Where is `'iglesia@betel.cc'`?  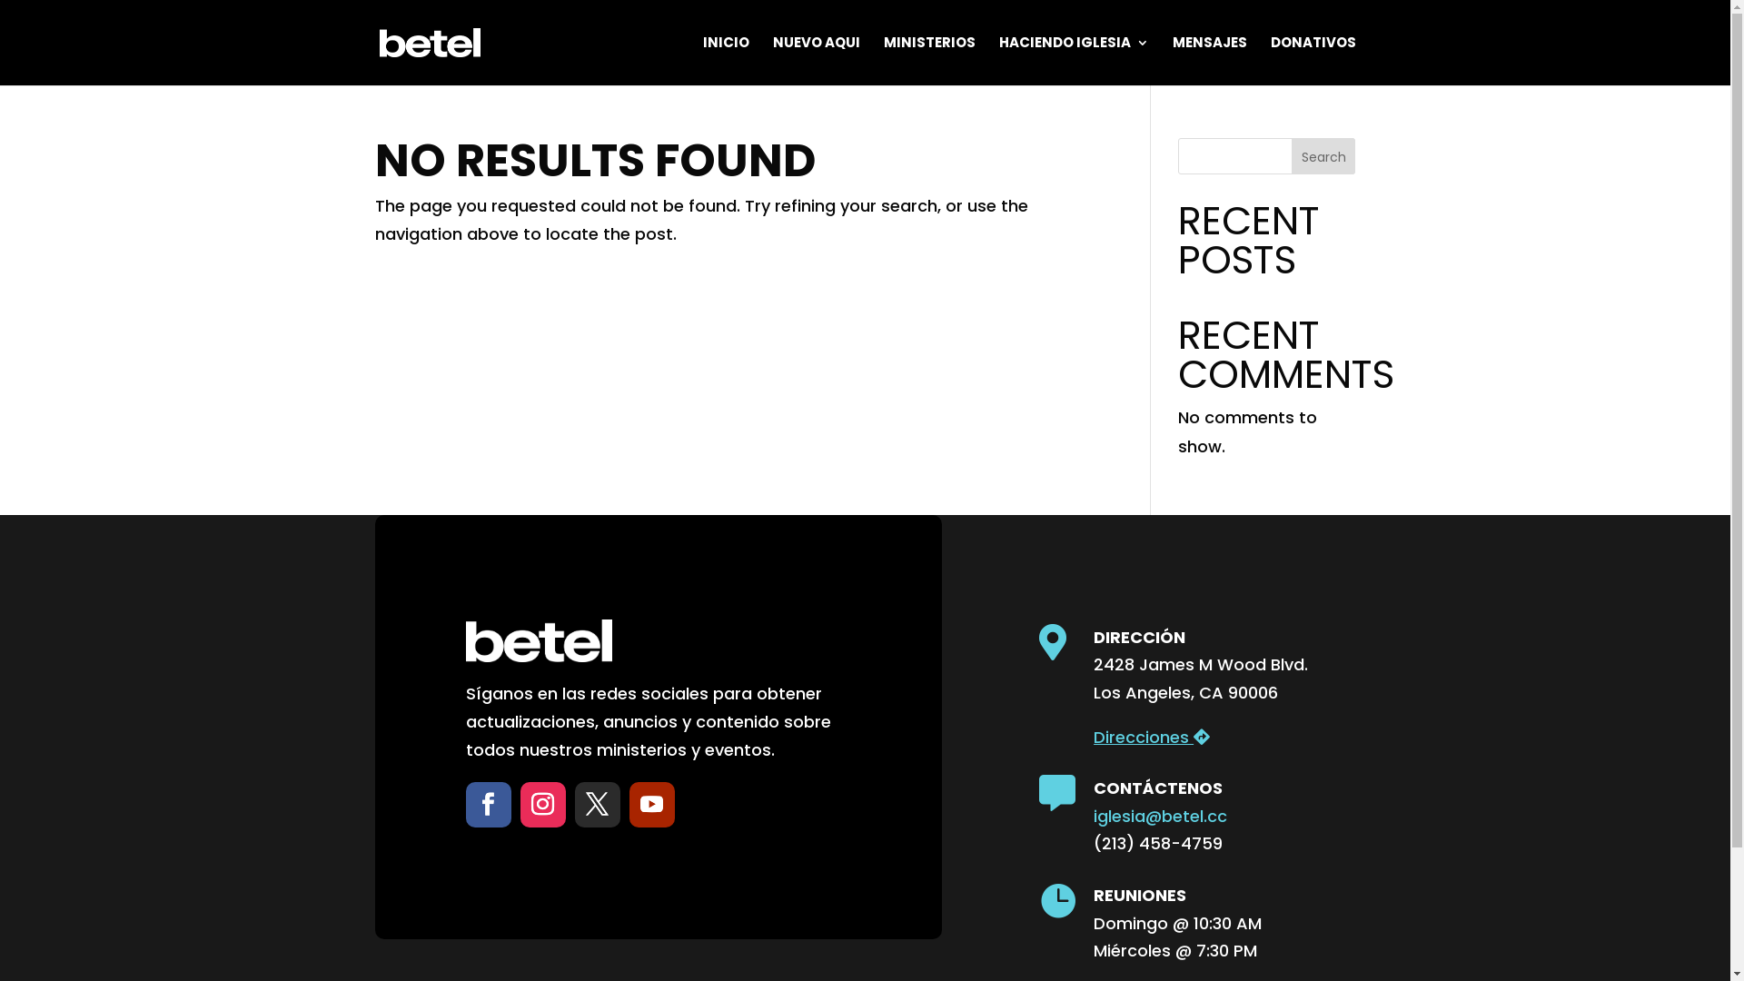 'iglesia@betel.cc' is located at coordinates (1159, 815).